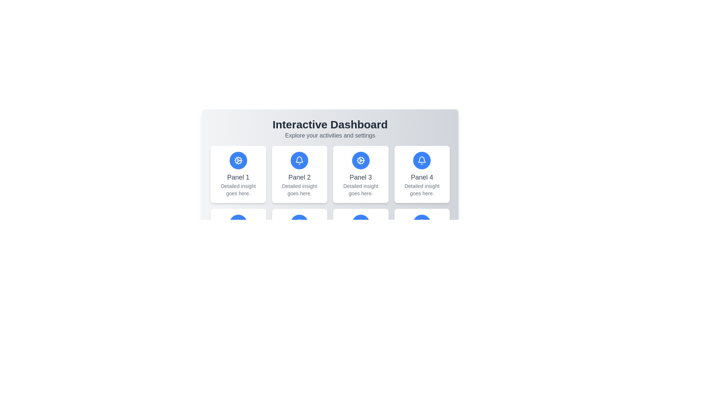 The image size is (702, 395). Describe the element at coordinates (361, 160) in the screenshot. I see `the circular blue icon with a white cogwheel symbol at its center, located in the top row of panel cards in the dashboard` at that location.